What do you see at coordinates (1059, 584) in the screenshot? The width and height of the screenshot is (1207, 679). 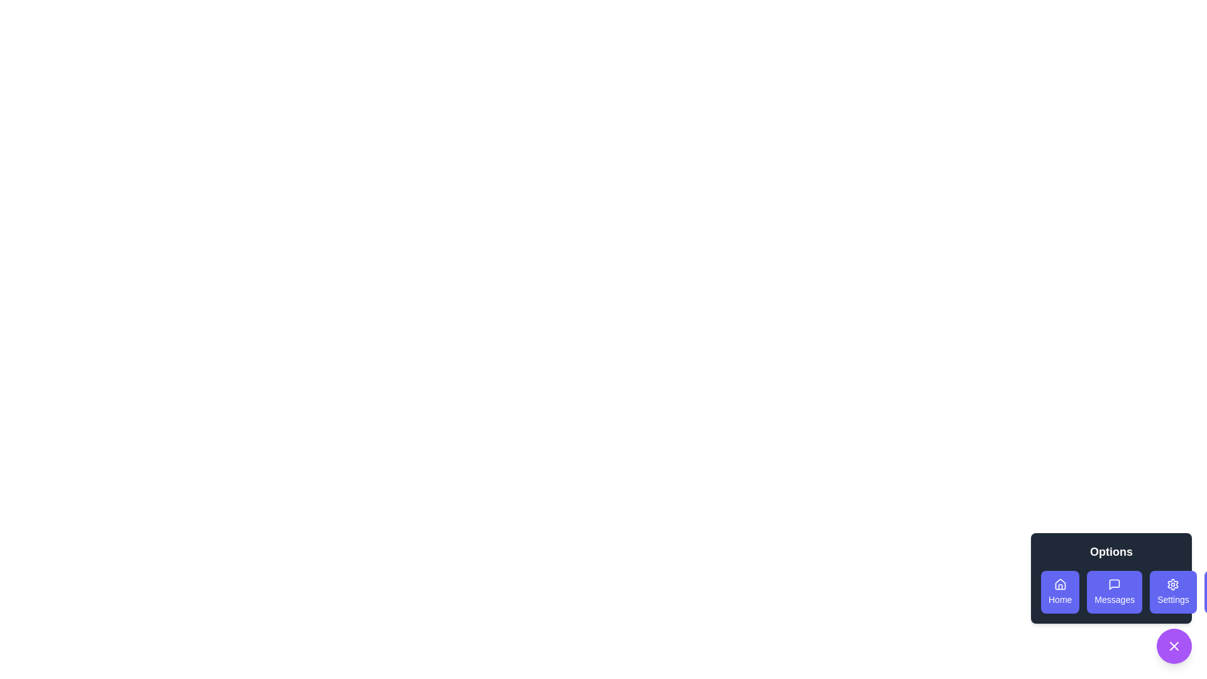 I see `the home icon, which is a simplified geometric outline of a house` at bounding box center [1059, 584].